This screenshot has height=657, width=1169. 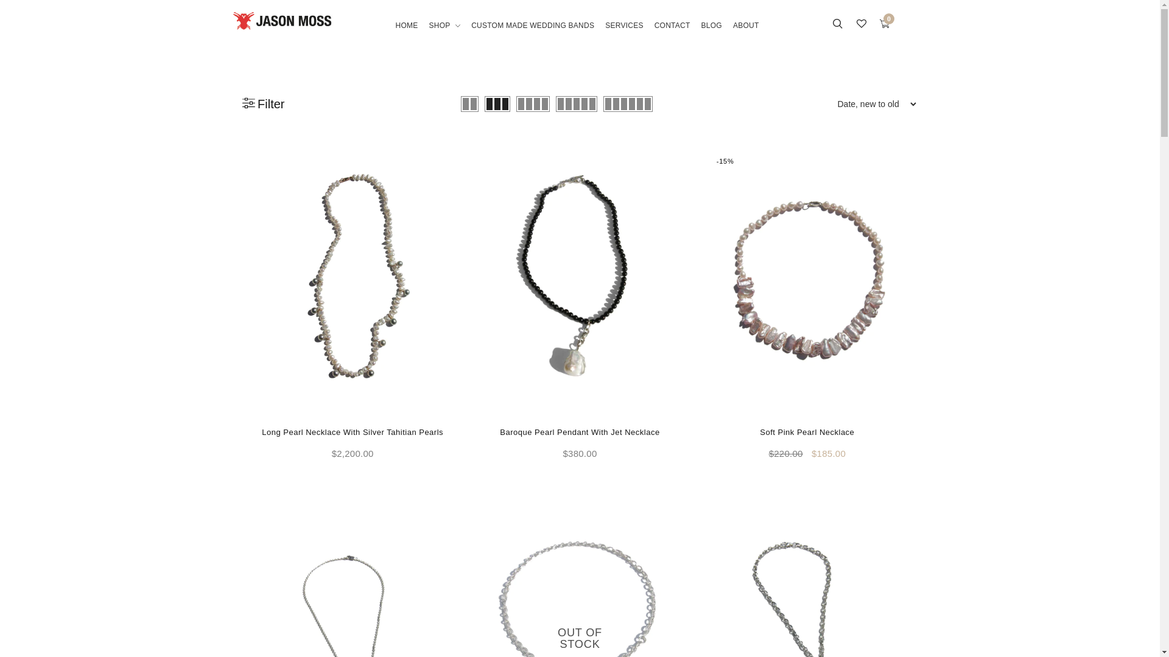 What do you see at coordinates (628, 103) in the screenshot?
I see `'6 col'` at bounding box center [628, 103].